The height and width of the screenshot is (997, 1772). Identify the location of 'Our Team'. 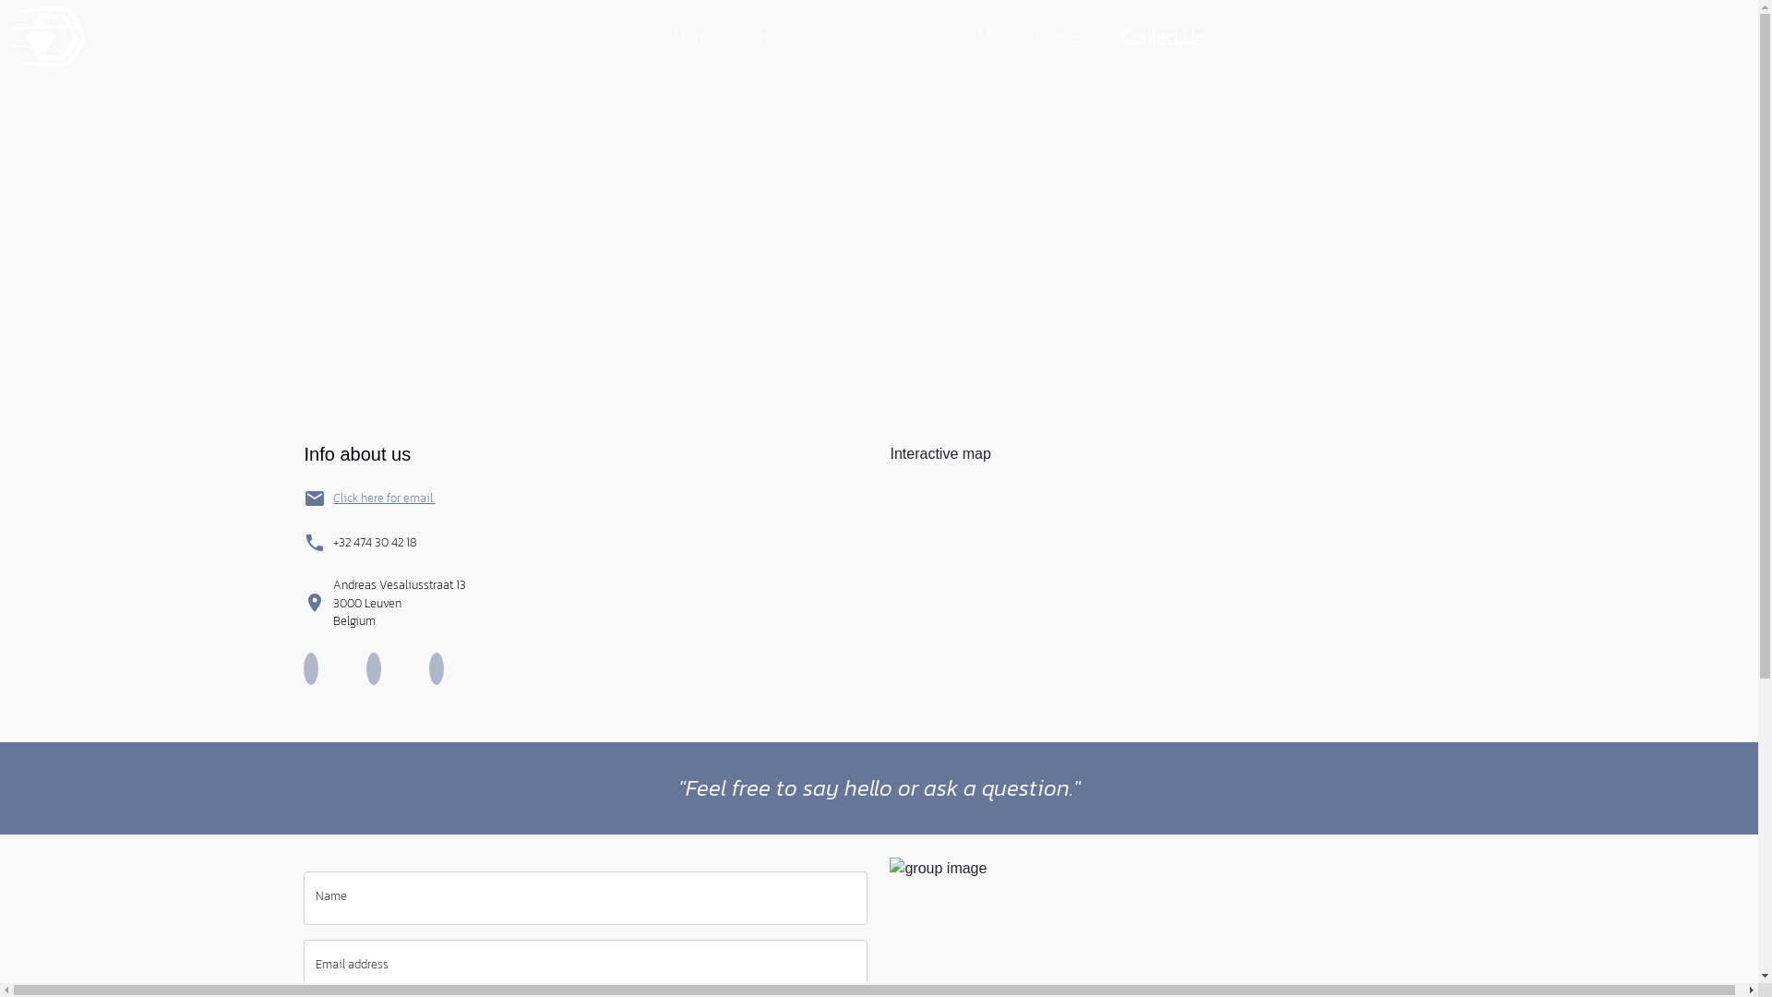
(832, 36).